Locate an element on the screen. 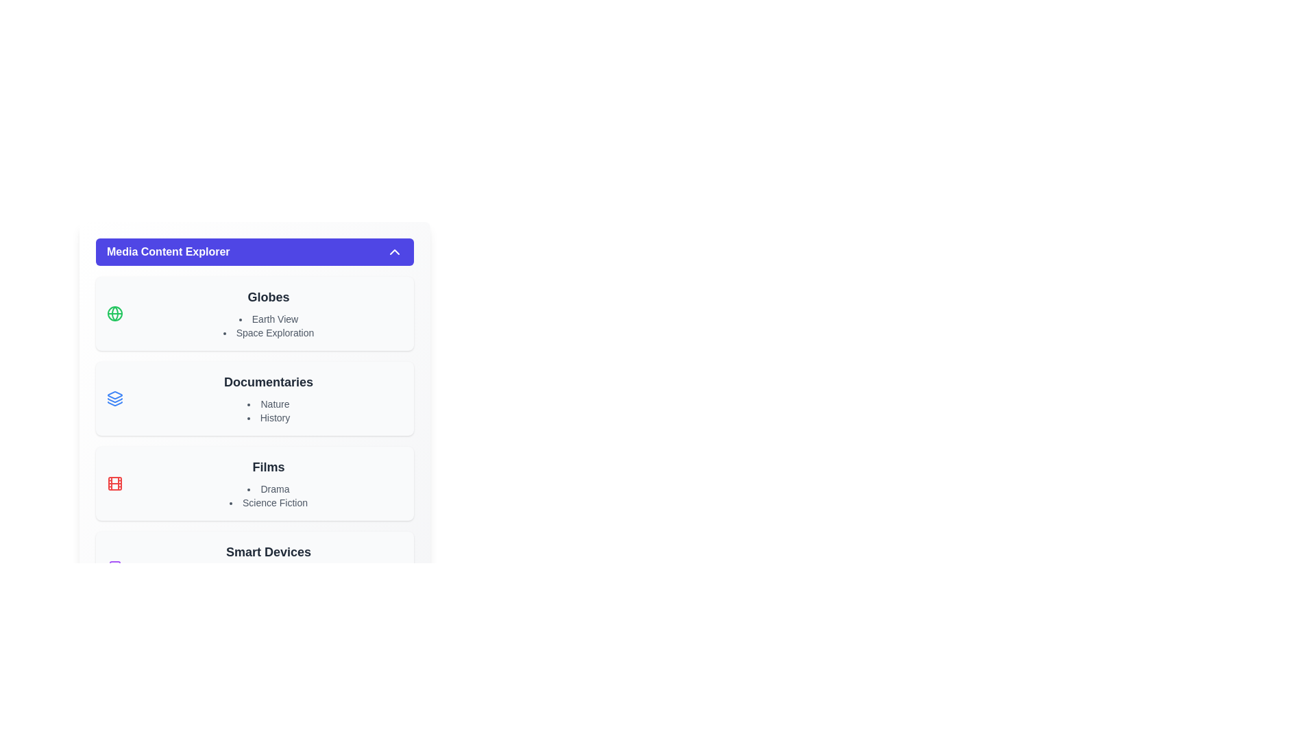 This screenshot has width=1316, height=740. the icon representing the category 'Documentaries', located at the top-left corner of the 'Documentaries' section, before the text 'DocumentariesNatureHistory' is located at coordinates (115, 399).